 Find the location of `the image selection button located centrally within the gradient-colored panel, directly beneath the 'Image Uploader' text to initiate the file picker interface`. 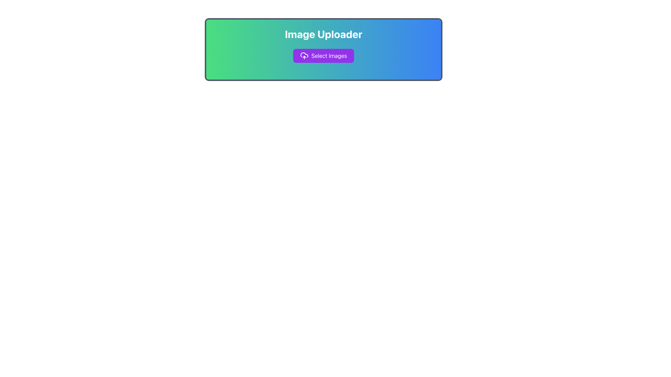

the image selection button located centrally within the gradient-colored panel, directly beneath the 'Image Uploader' text to initiate the file picker interface is located at coordinates (323, 55).